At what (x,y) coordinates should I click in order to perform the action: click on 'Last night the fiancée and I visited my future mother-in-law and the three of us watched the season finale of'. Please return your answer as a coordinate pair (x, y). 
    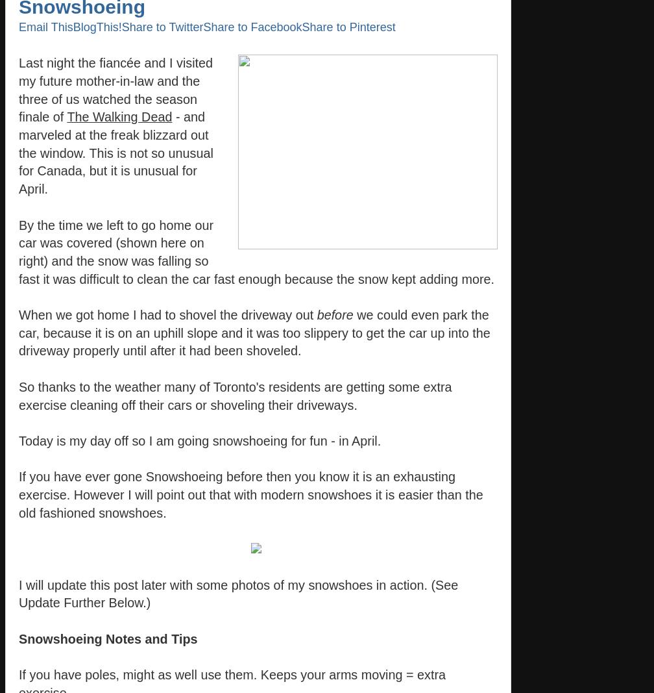
    Looking at the image, I should click on (115, 89).